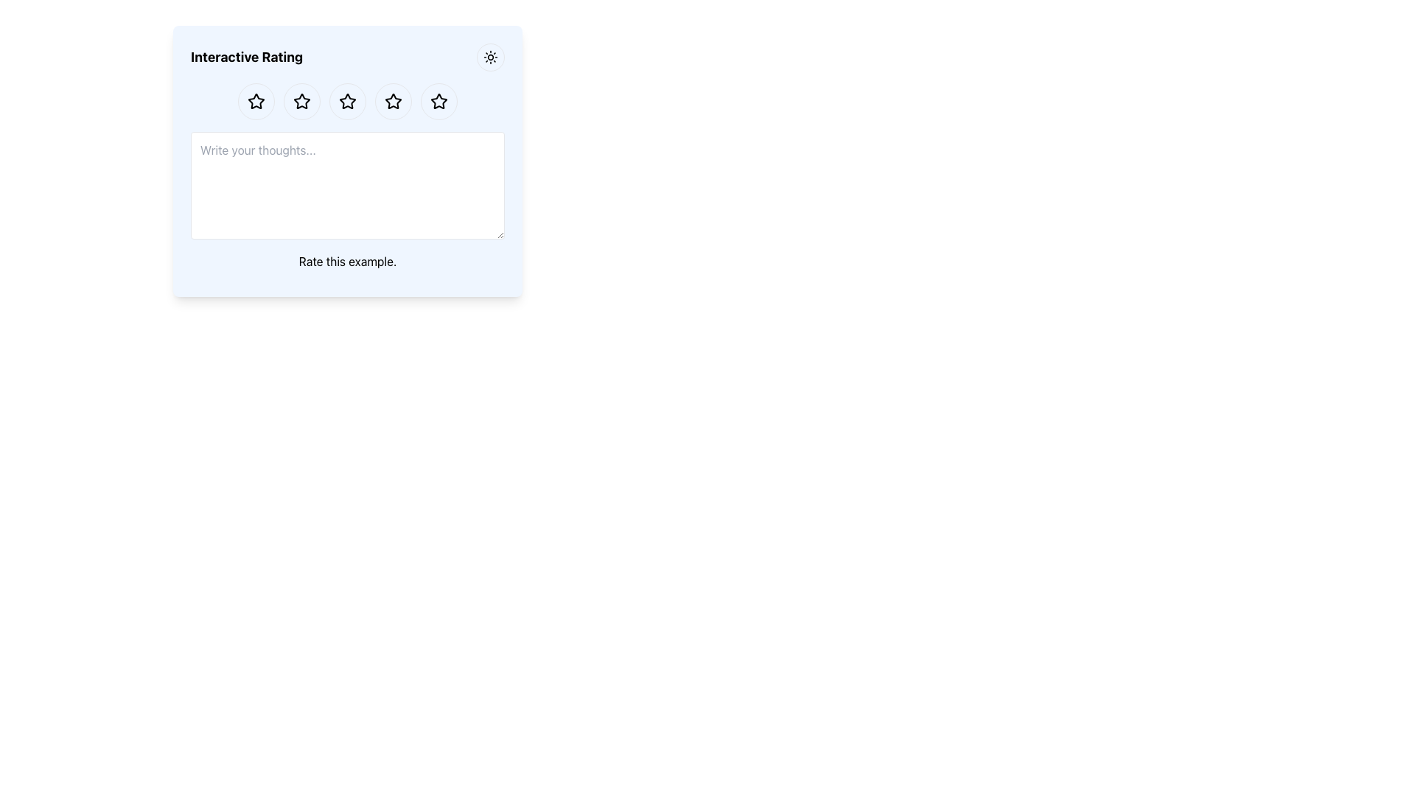 This screenshot has width=1415, height=796. What do you see at coordinates (301, 101) in the screenshot?
I see `the second star button in the Interactive Rating section` at bounding box center [301, 101].